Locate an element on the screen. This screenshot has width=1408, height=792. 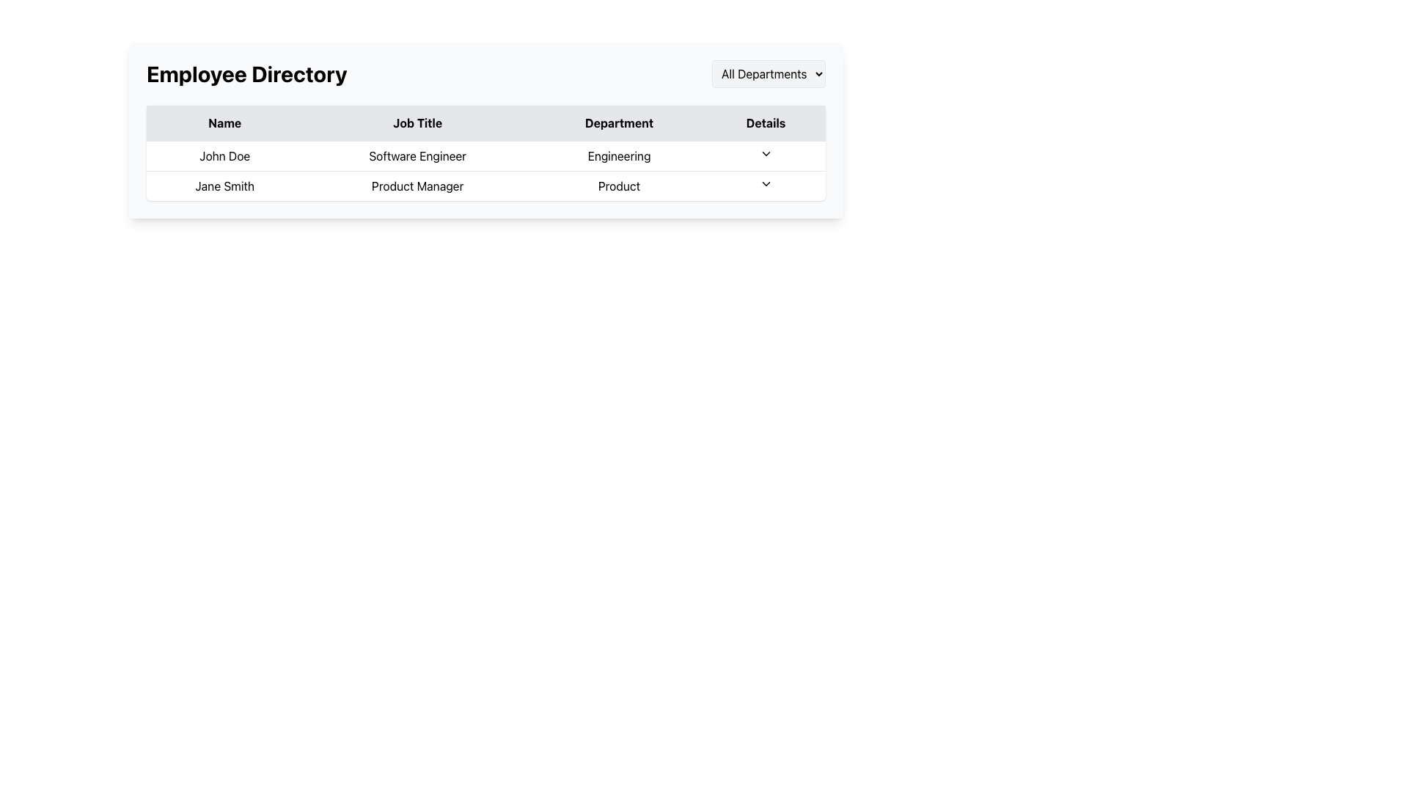
the text label displaying 'Product Manager', which is the second cell in the second row of the table under the 'Job Title' column, positioned between 'Jane Smith' and 'Product' is located at coordinates (417, 185).